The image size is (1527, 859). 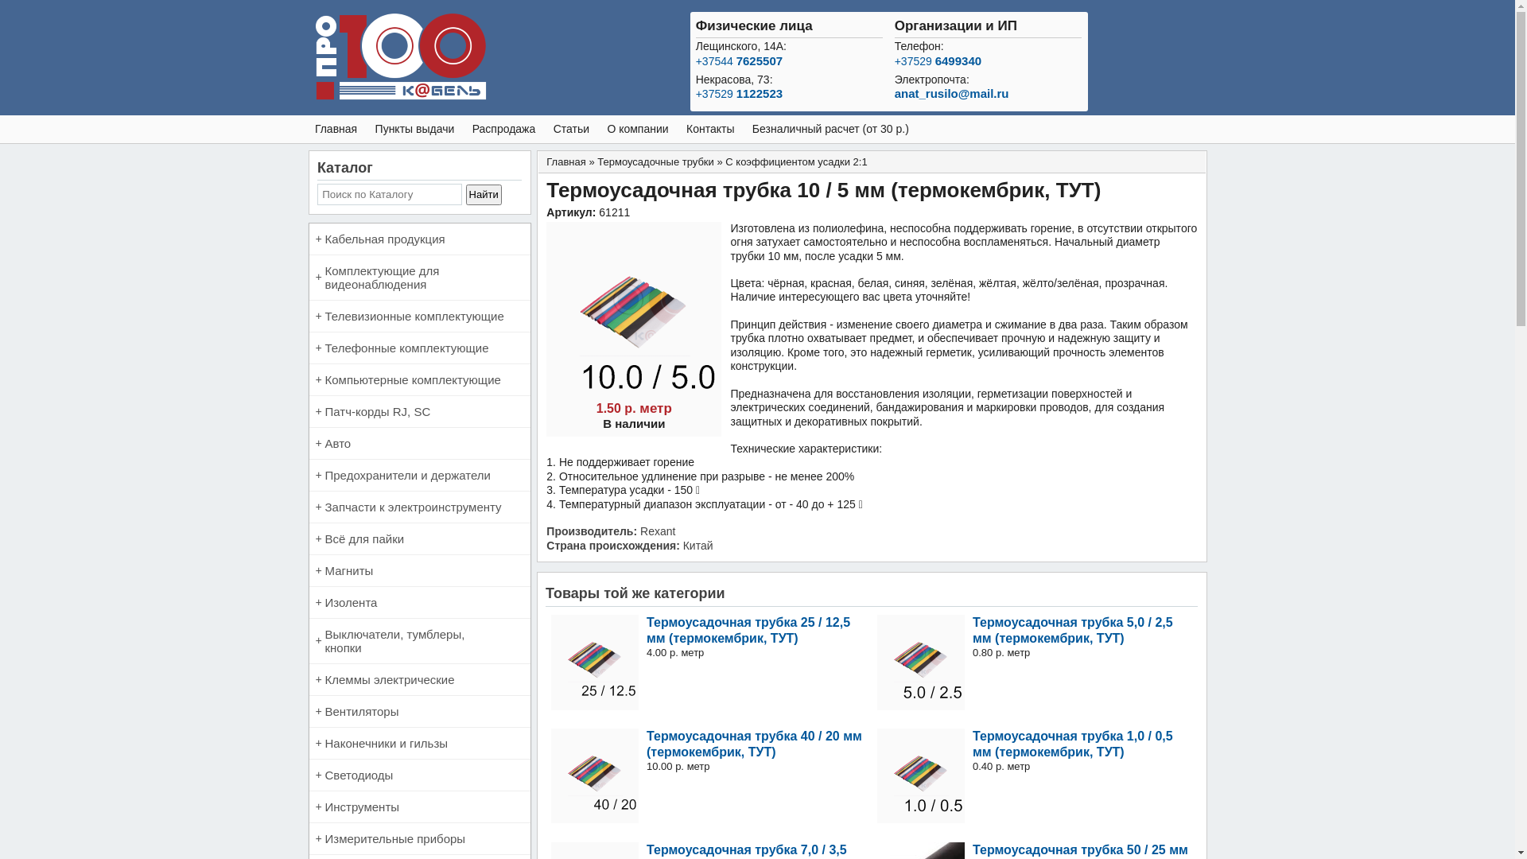 What do you see at coordinates (938, 60) in the screenshot?
I see `'+37529 6499340'` at bounding box center [938, 60].